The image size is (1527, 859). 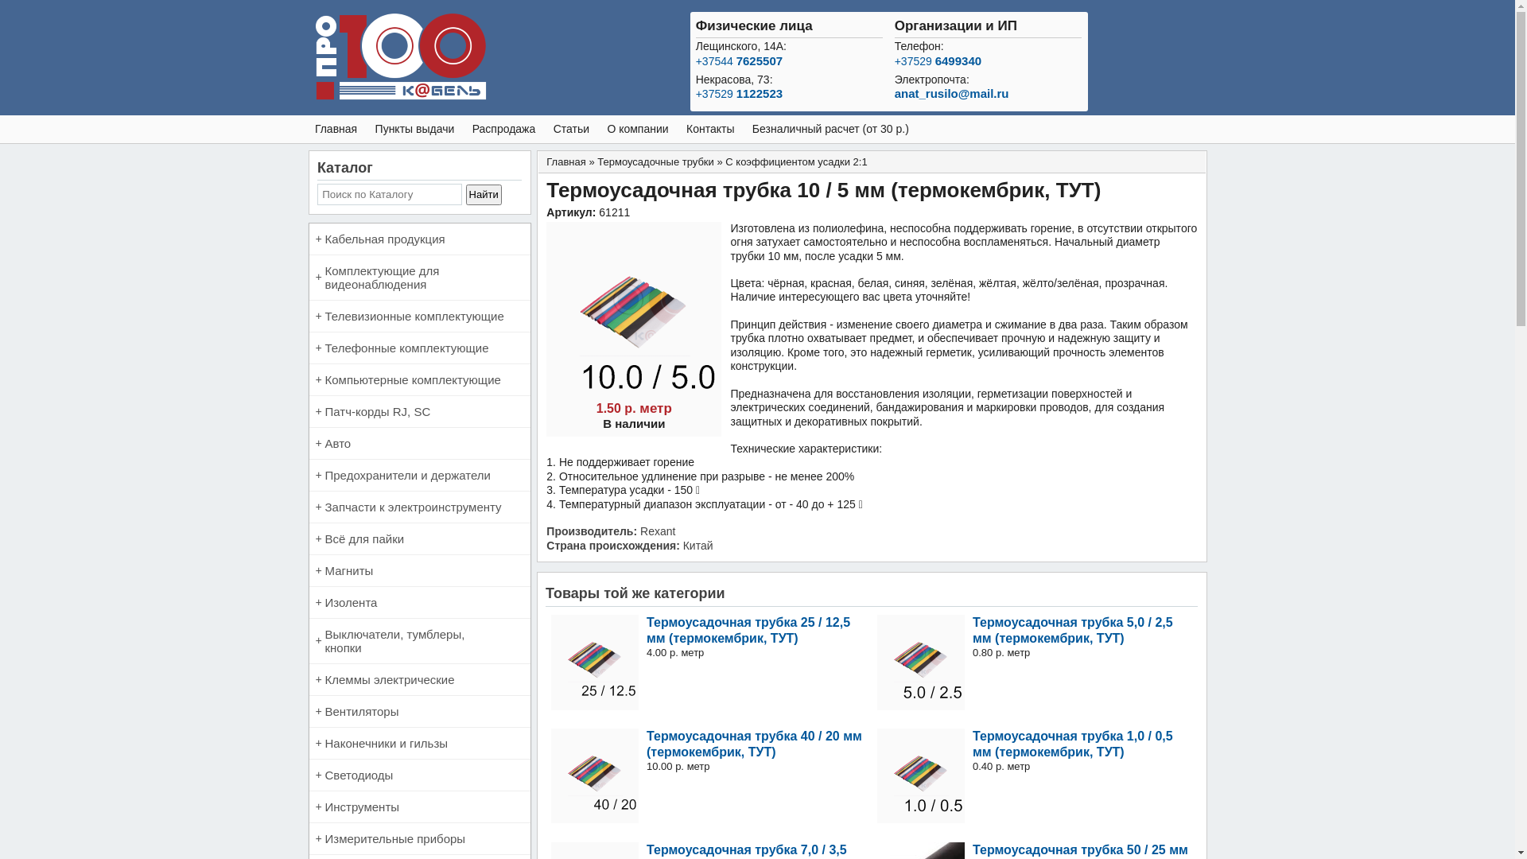 What do you see at coordinates (938, 60) in the screenshot?
I see `'+37529 6499340'` at bounding box center [938, 60].